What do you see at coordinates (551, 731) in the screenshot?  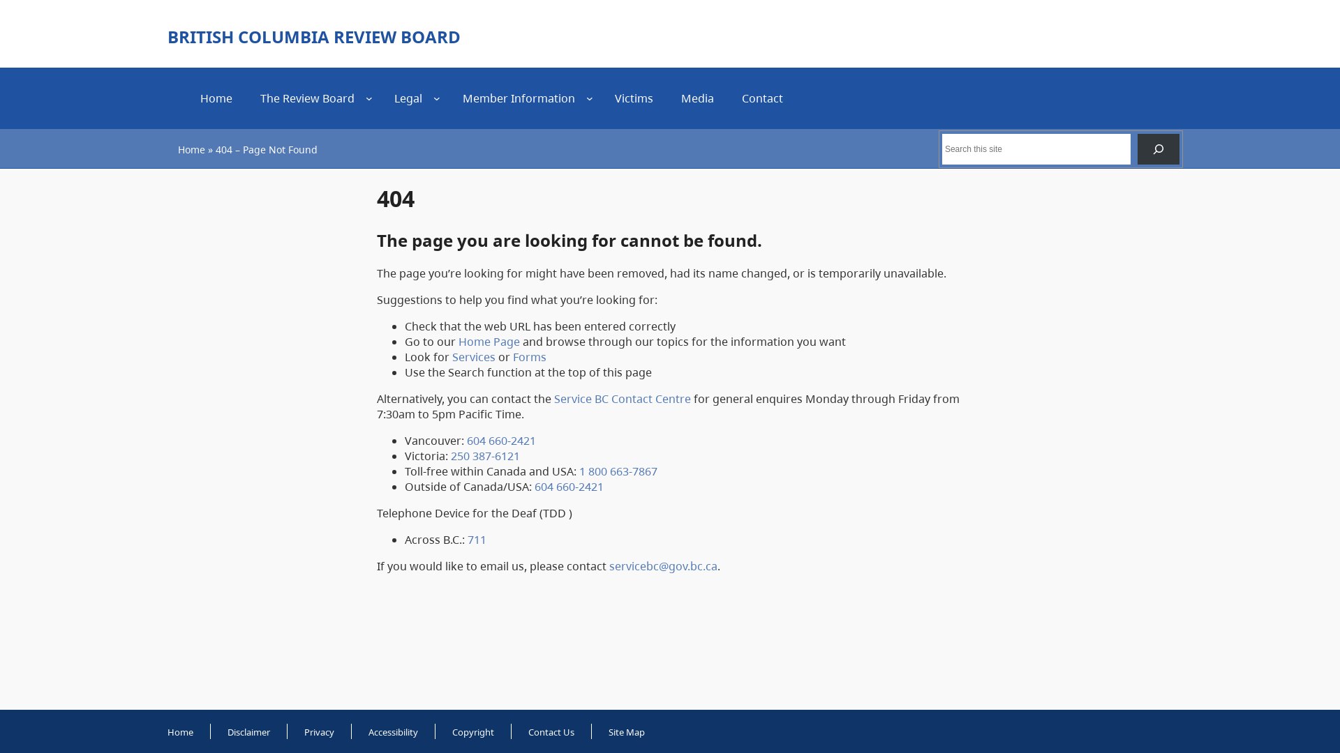 I see `'Contact Us'` at bounding box center [551, 731].